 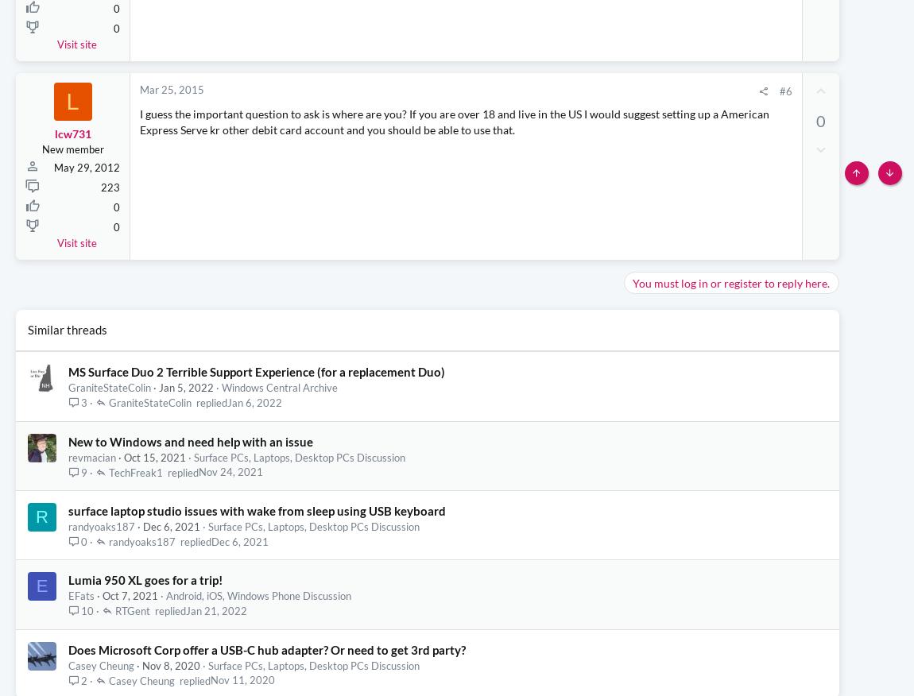 What do you see at coordinates (803, 123) in the screenshot?
I see `'24 minutes ago'` at bounding box center [803, 123].